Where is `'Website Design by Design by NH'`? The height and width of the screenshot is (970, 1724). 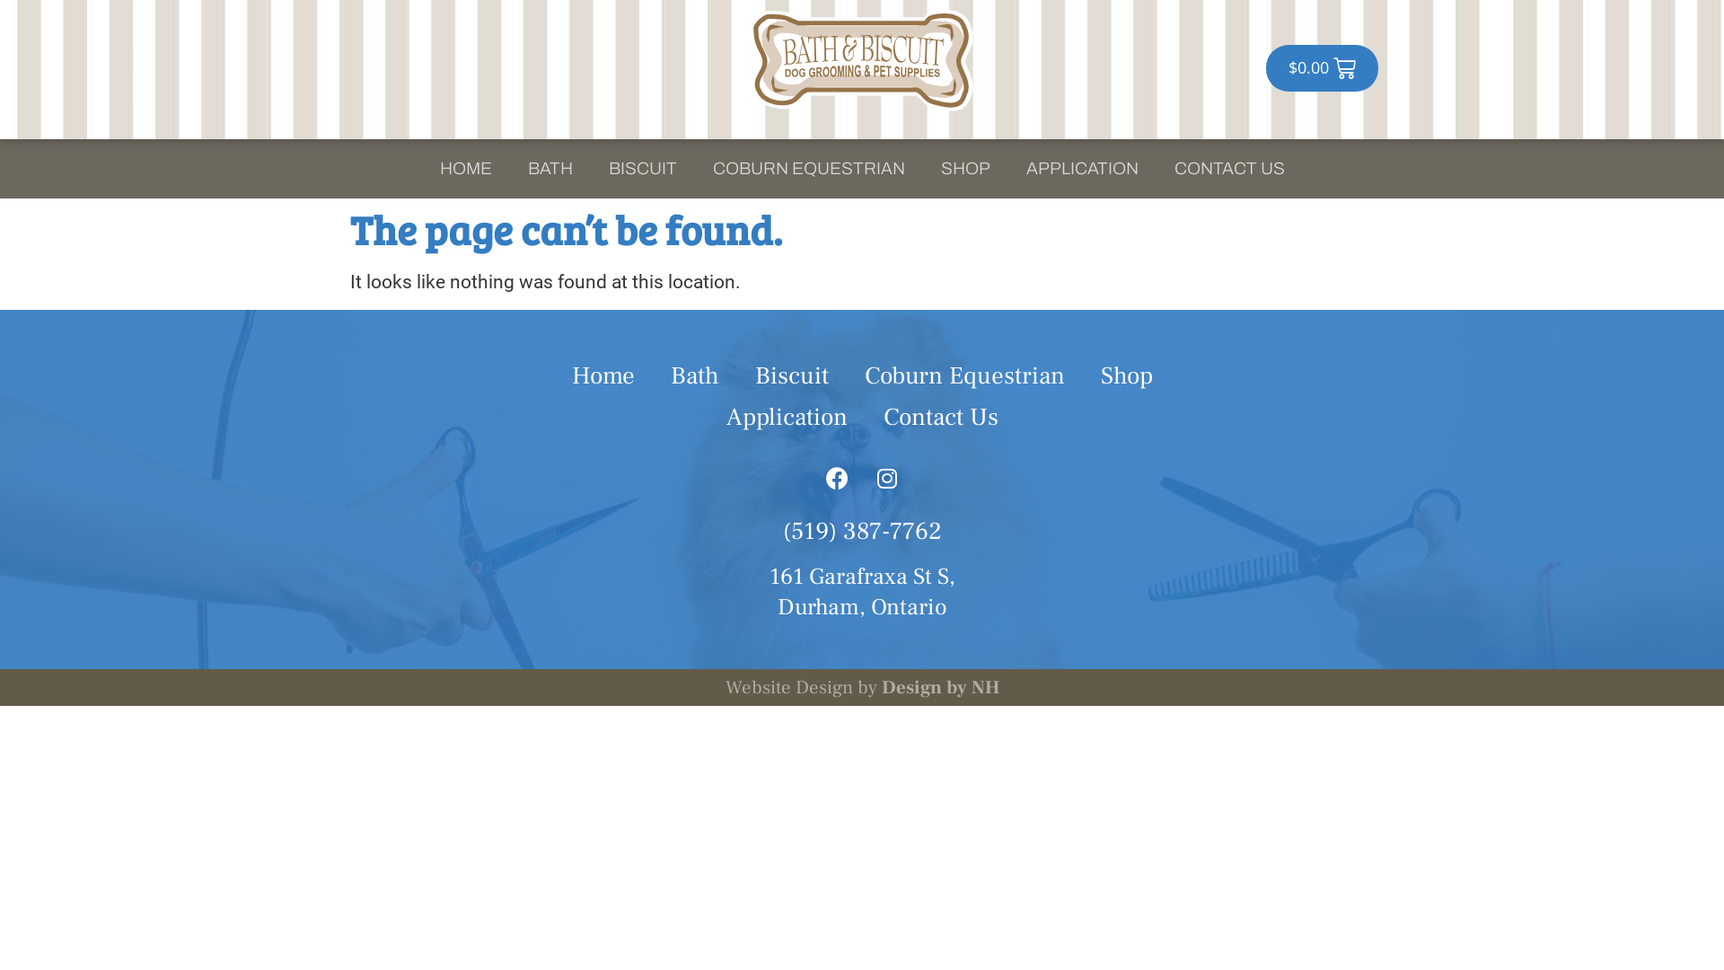
'Website Design by Design by NH' is located at coordinates (862, 687).